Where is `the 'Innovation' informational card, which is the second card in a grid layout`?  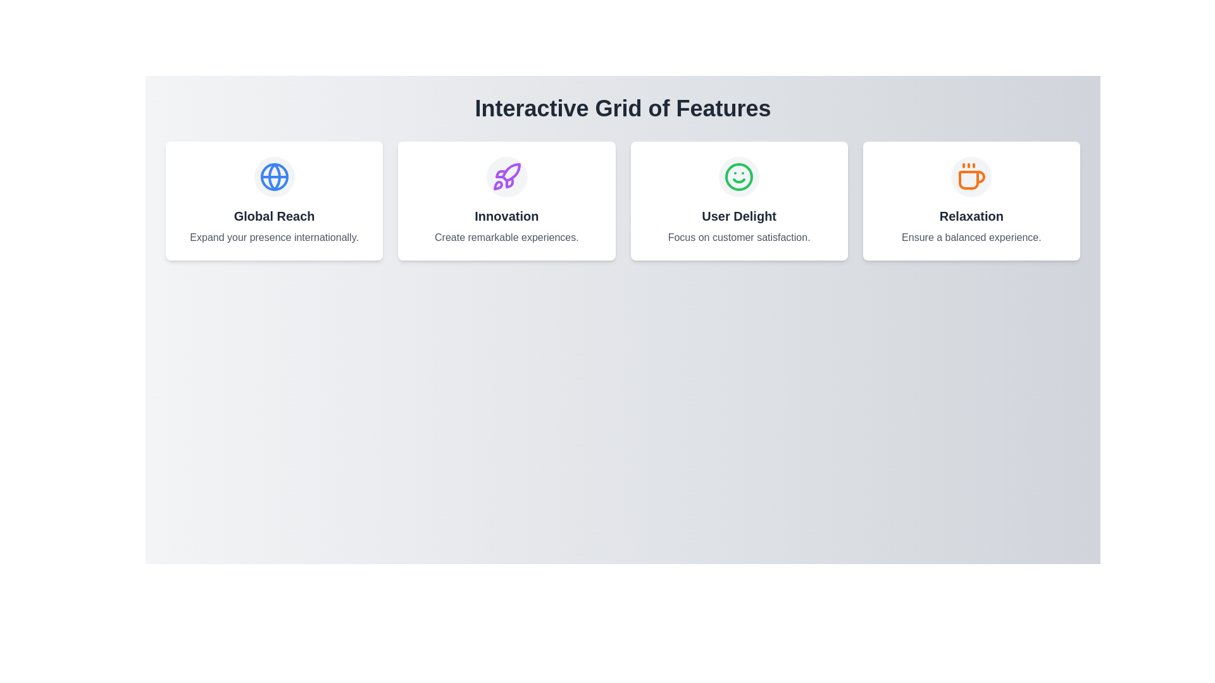 the 'Innovation' informational card, which is the second card in a grid layout is located at coordinates (506, 200).